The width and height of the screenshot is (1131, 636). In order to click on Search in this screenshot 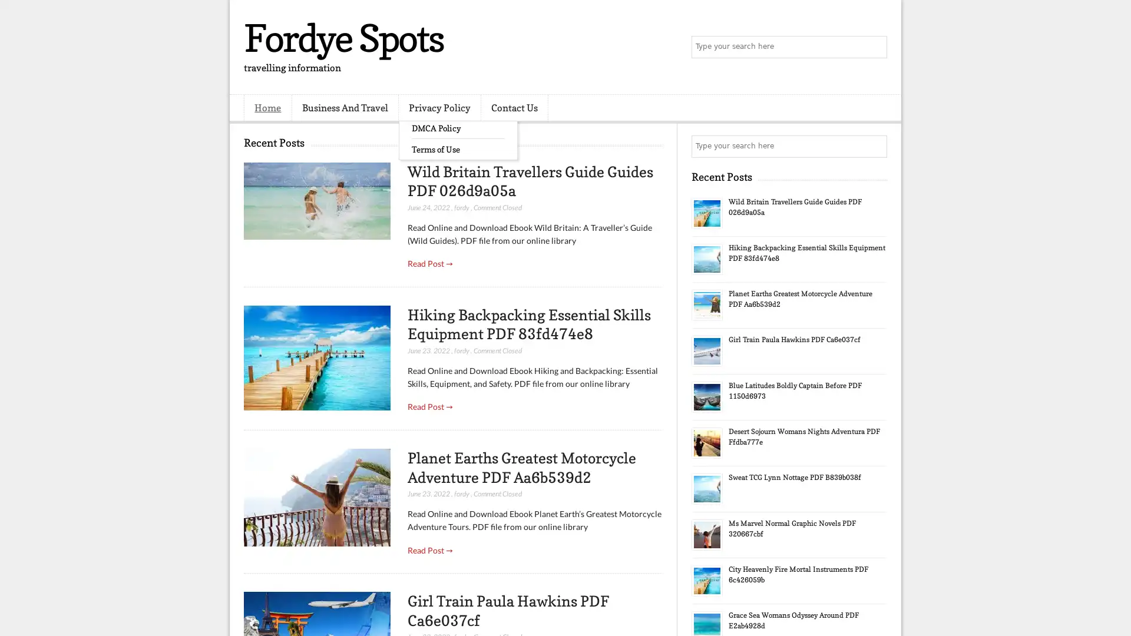, I will do `click(875, 146)`.